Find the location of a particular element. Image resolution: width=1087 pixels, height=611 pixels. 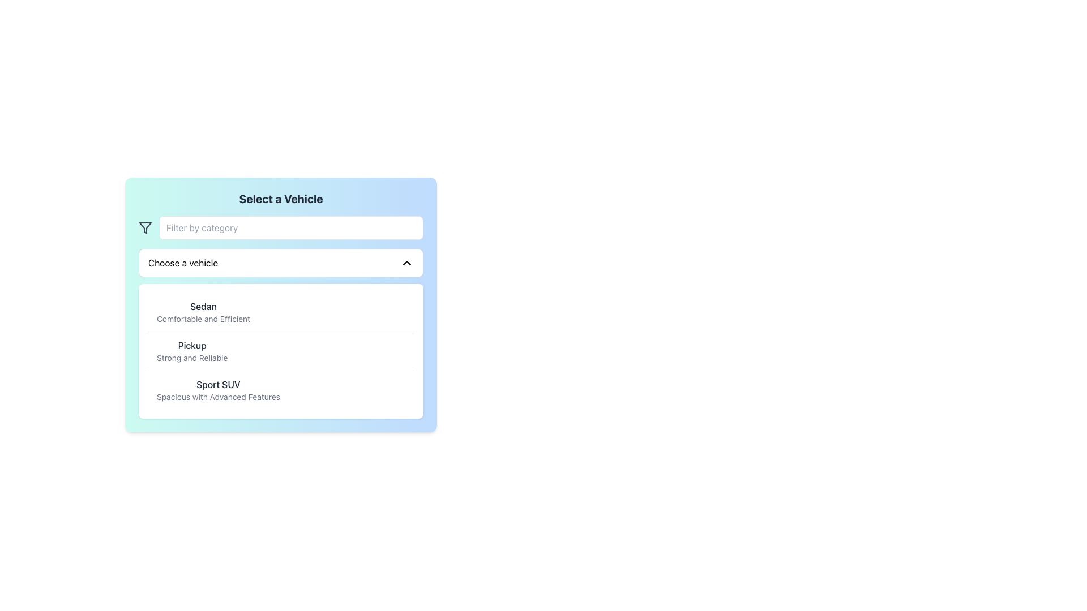

text label displaying 'Sedan', which is the first text element in the group under the heading 'Choose a vehicle' is located at coordinates (203, 307).